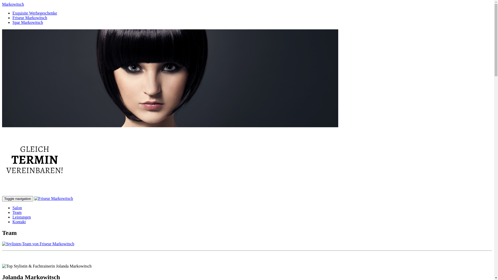 The image size is (498, 280). Describe the element at coordinates (34, 13) in the screenshot. I see `'Exquisite Werbegeschenke'` at that location.